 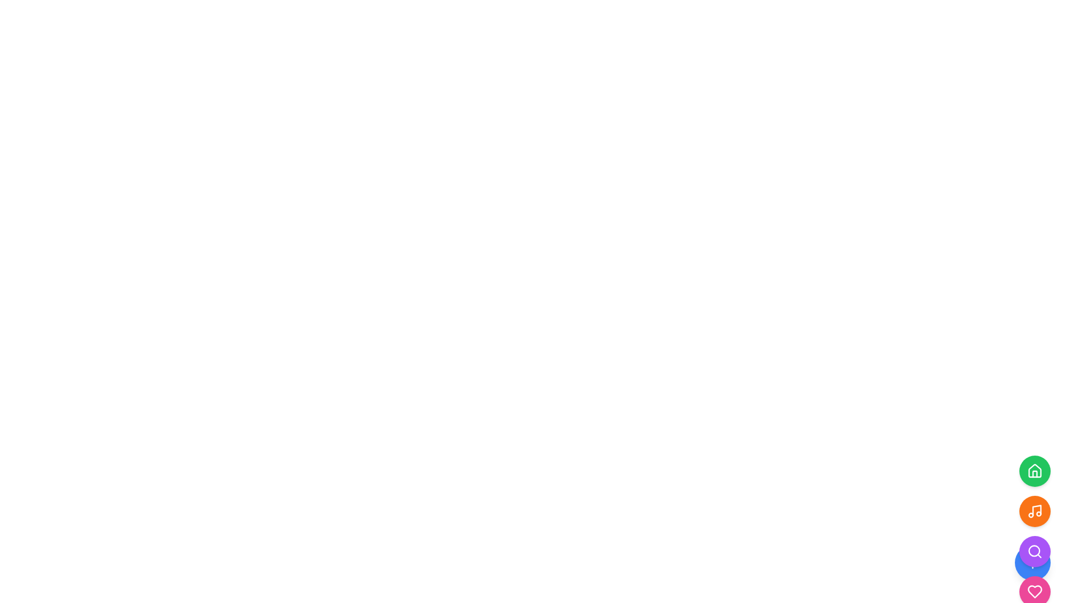 I want to click on the '+' icon embedded in a blue rounded button located in the bottom-right side of the interface, so click(x=1032, y=562).